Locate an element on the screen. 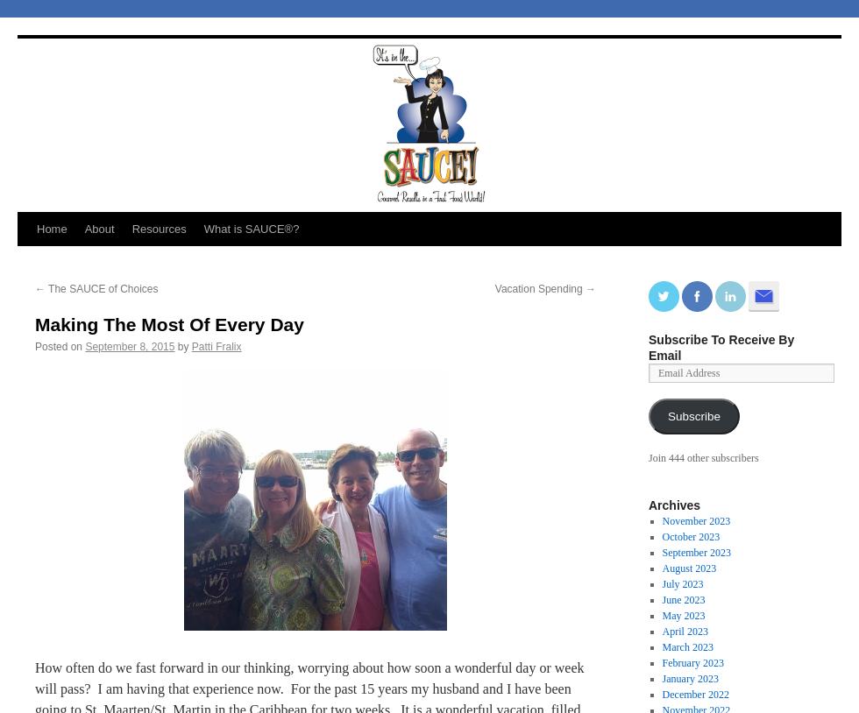 The width and height of the screenshot is (859, 713). 'July 2023' is located at coordinates (661, 583).